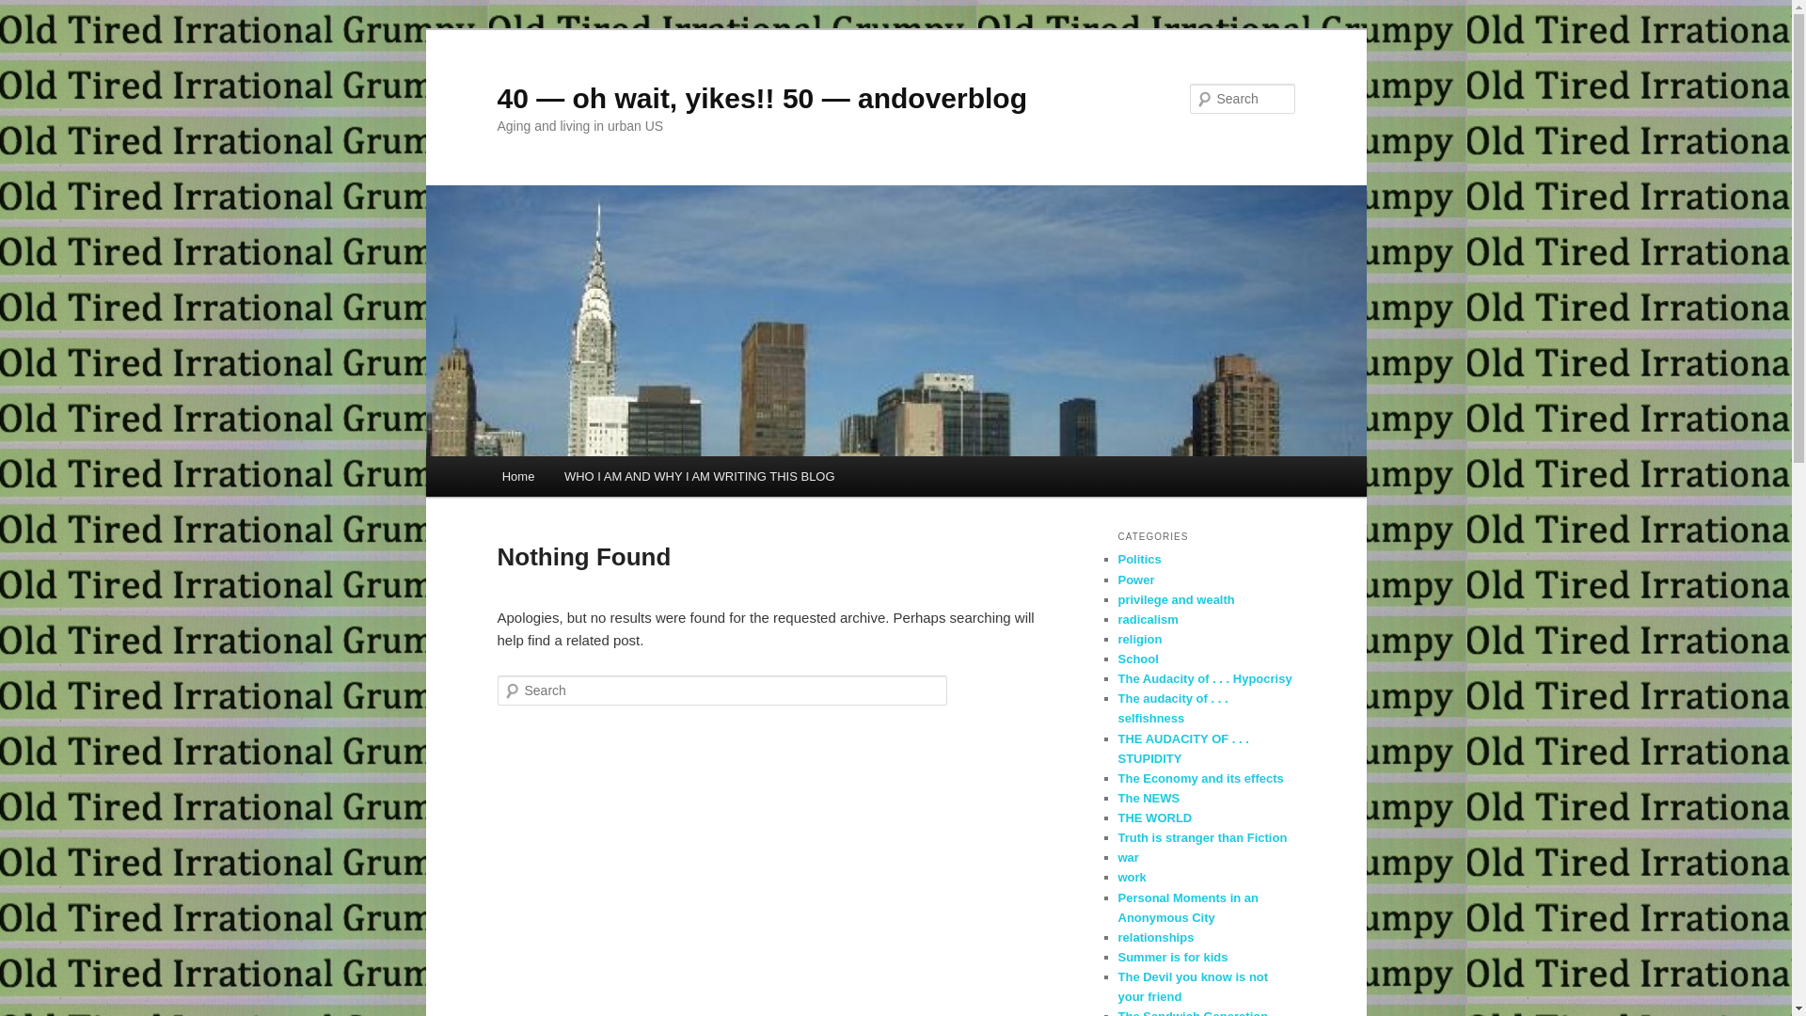  Describe the element at coordinates (1171, 957) in the screenshot. I see `'Summer is for kids'` at that location.